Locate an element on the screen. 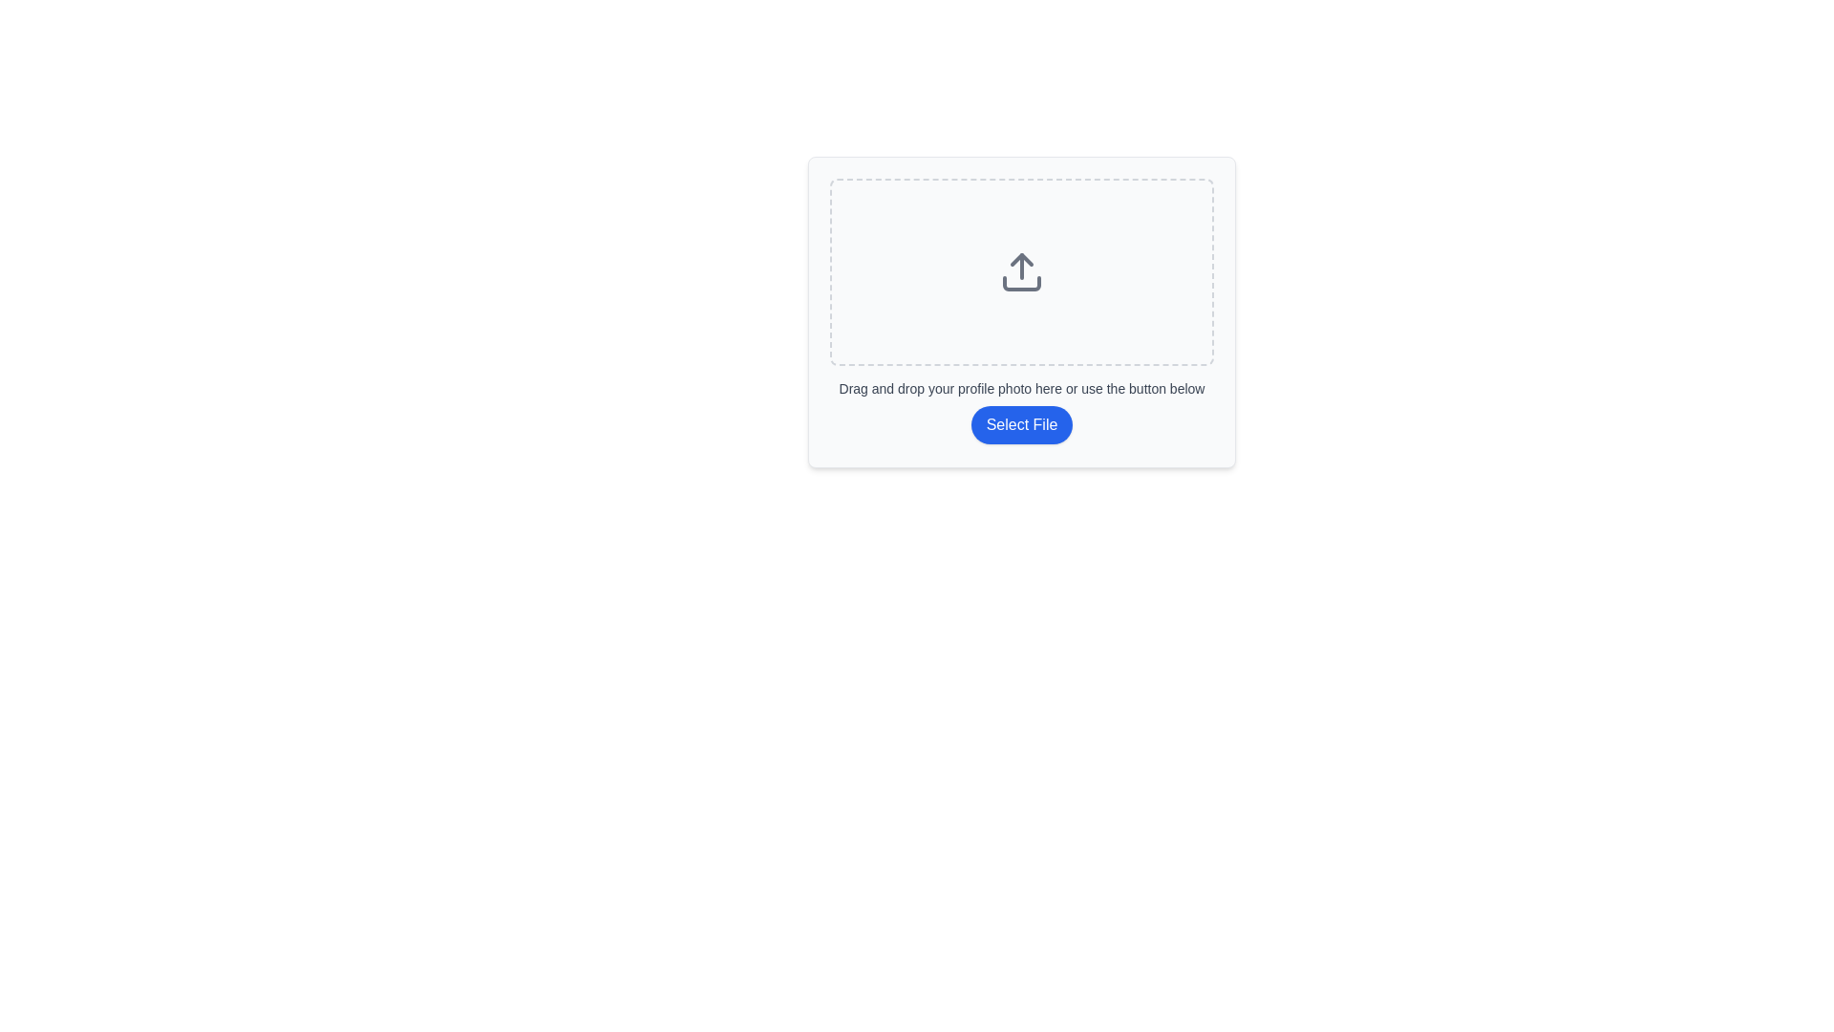 The width and height of the screenshot is (1834, 1032). the upward-facing gray triangular component of the upload icon, which is positioned in the upper-central portion of the drag-and-drop upload area is located at coordinates (1021, 260).